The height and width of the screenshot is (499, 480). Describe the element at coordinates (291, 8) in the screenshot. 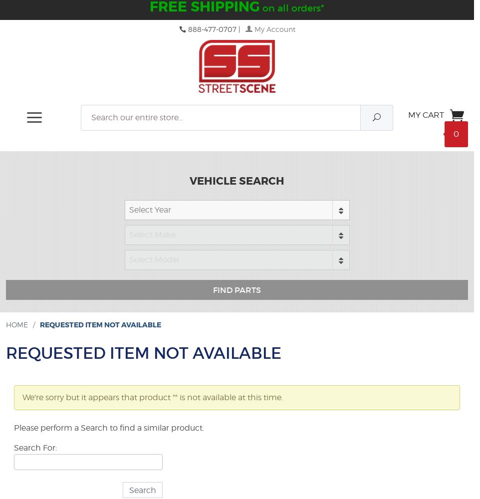

I see `'on all orders*'` at that location.